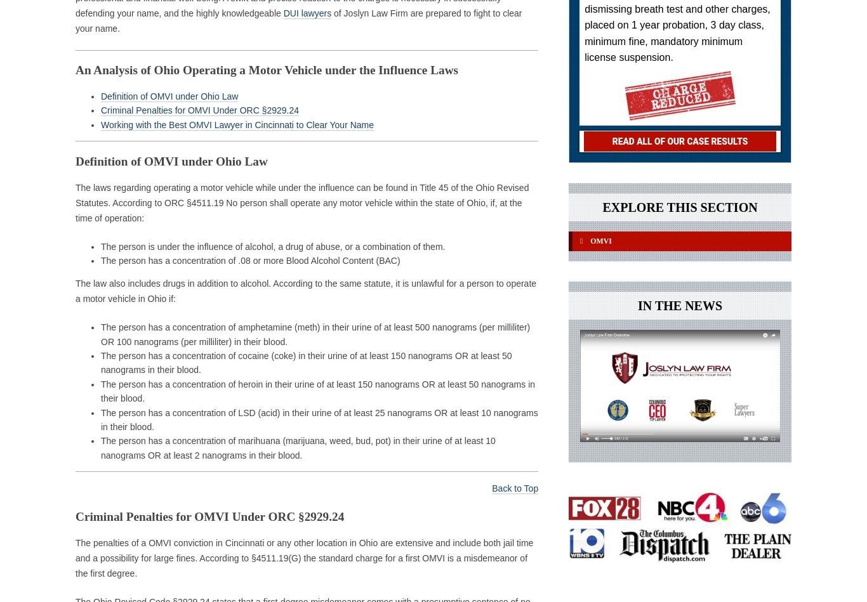 The width and height of the screenshot is (867, 602). I want to click on 'Back to Top', so click(514, 488).